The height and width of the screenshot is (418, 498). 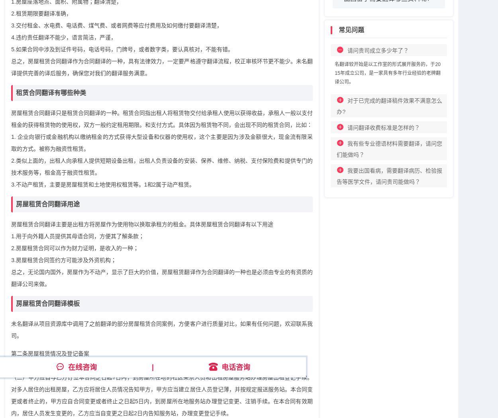 I want to click on '3.交付租金、水电费、电话费、煤气费、或者网费等应付费用及如何缴付要翻译清楚，', so click(x=116, y=24).